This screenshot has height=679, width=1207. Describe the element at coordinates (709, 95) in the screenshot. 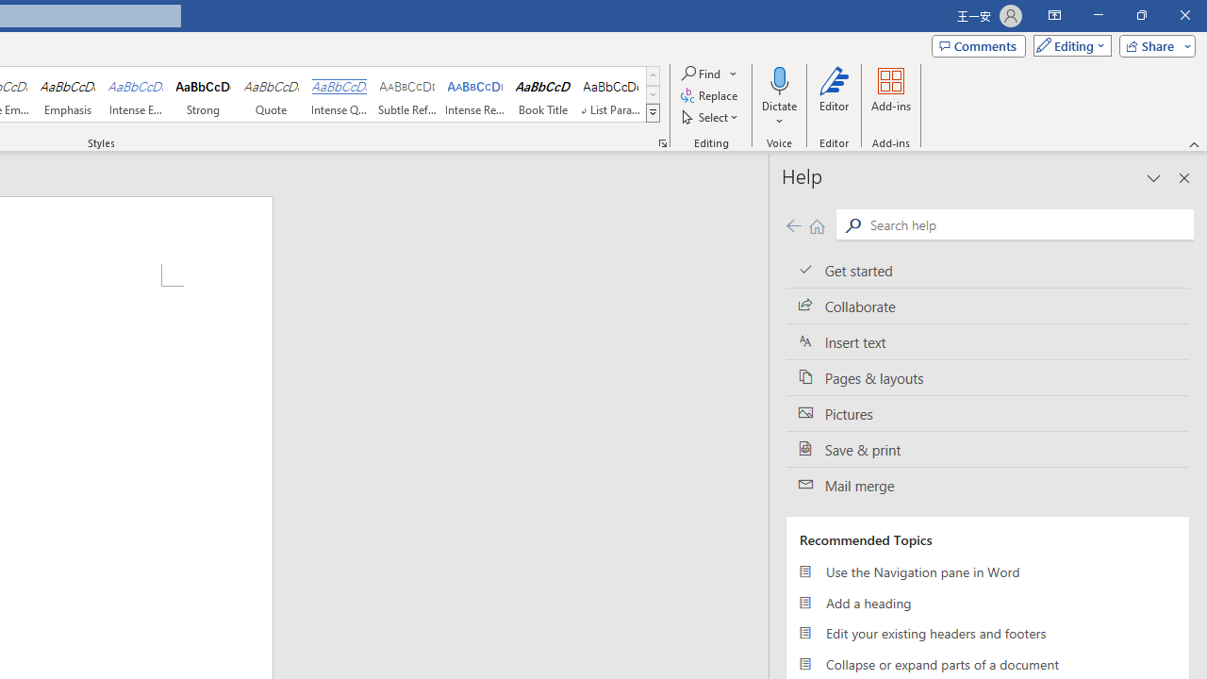

I see `'Replace...'` at that location.